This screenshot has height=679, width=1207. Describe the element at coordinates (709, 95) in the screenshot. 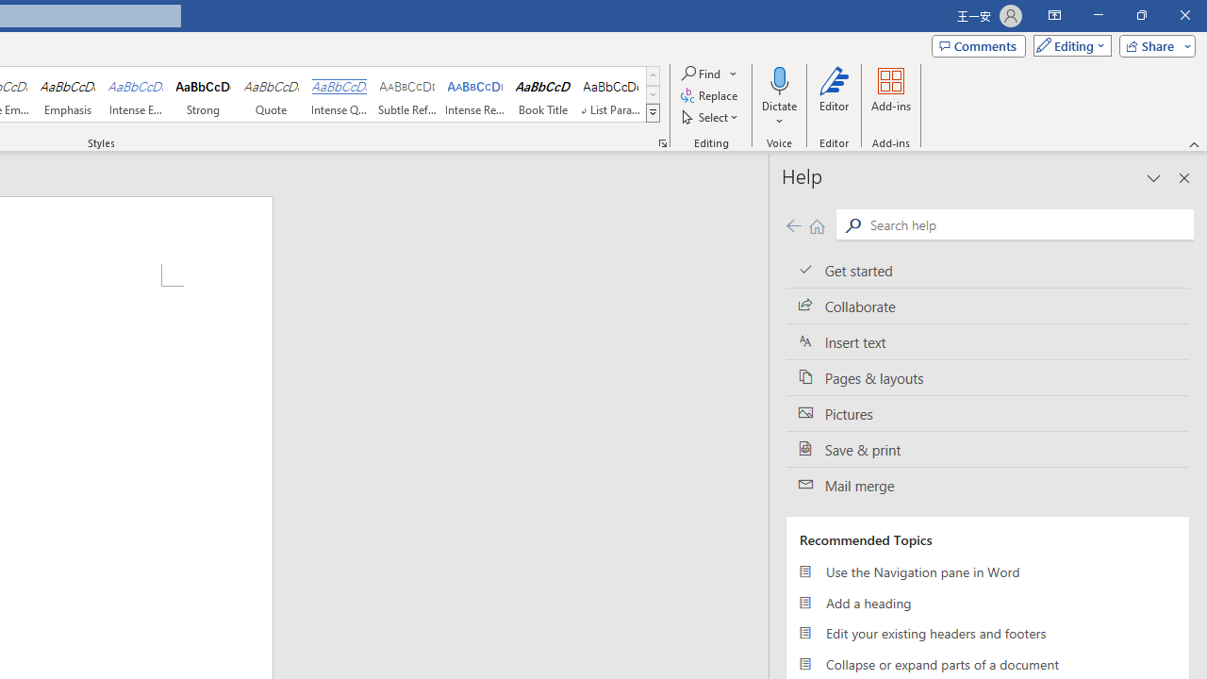

I see `'Replace...'` at that location.